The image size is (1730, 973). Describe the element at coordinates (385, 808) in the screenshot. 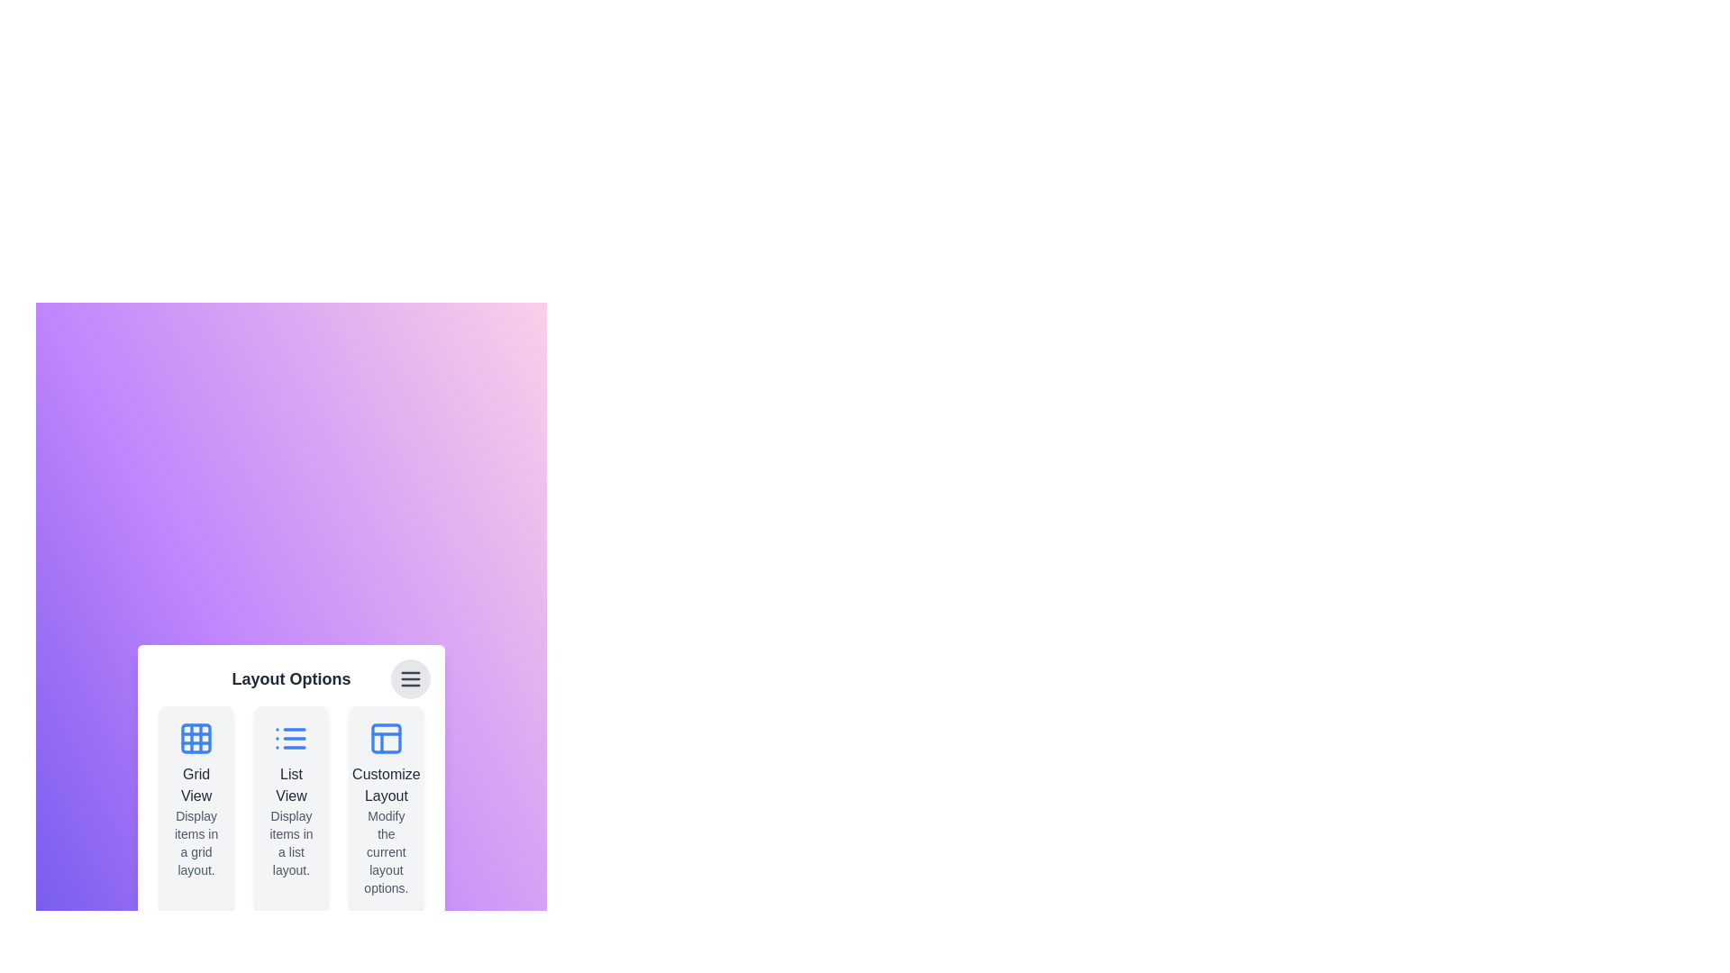

I see `the 'Customize Layout' card to select this option` at that location.